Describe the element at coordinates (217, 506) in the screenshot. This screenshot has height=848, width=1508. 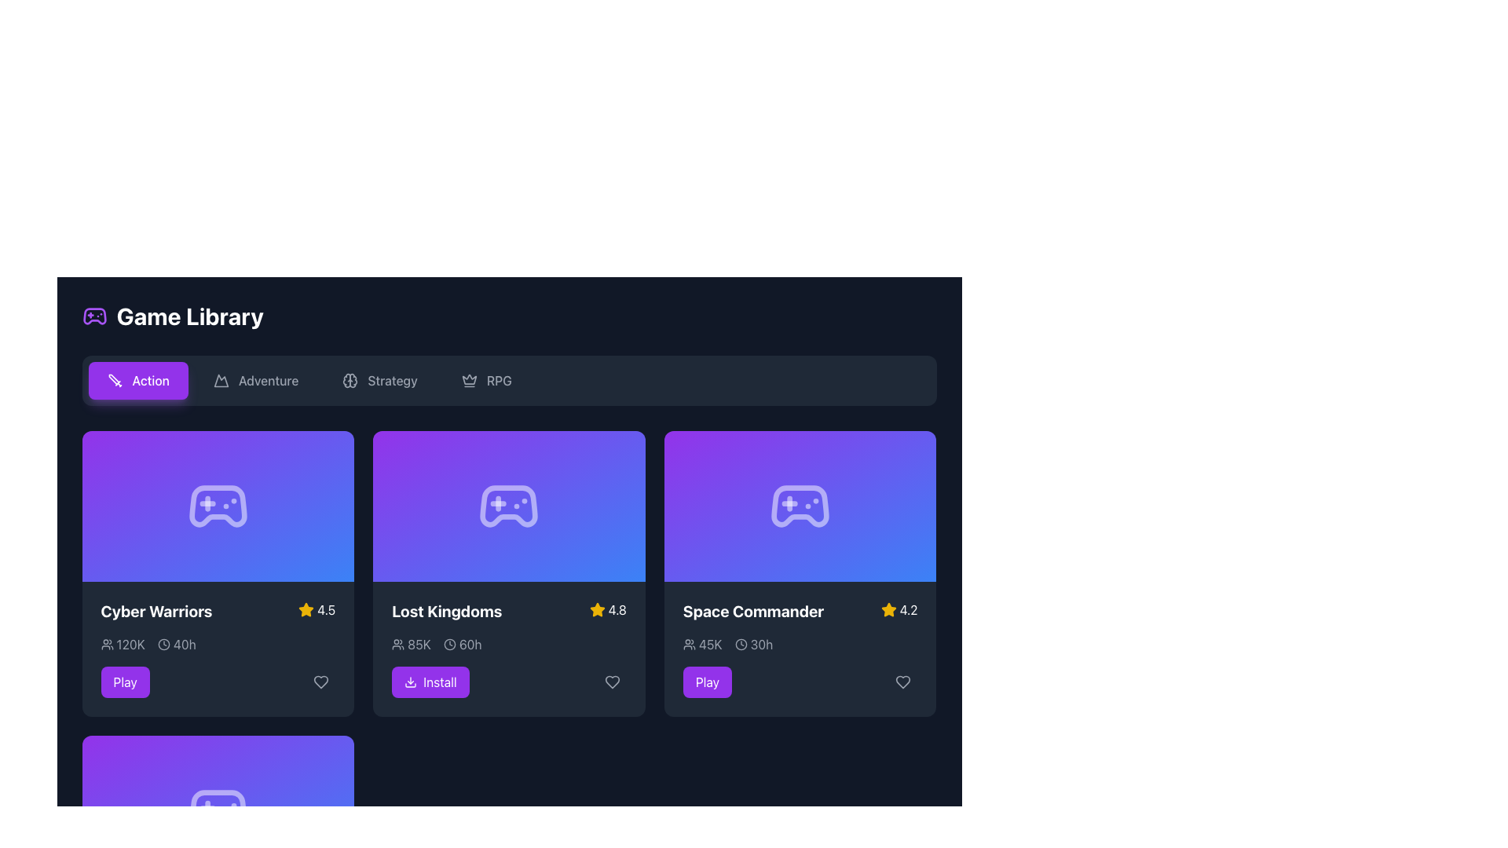
I see `the first card` at that location.